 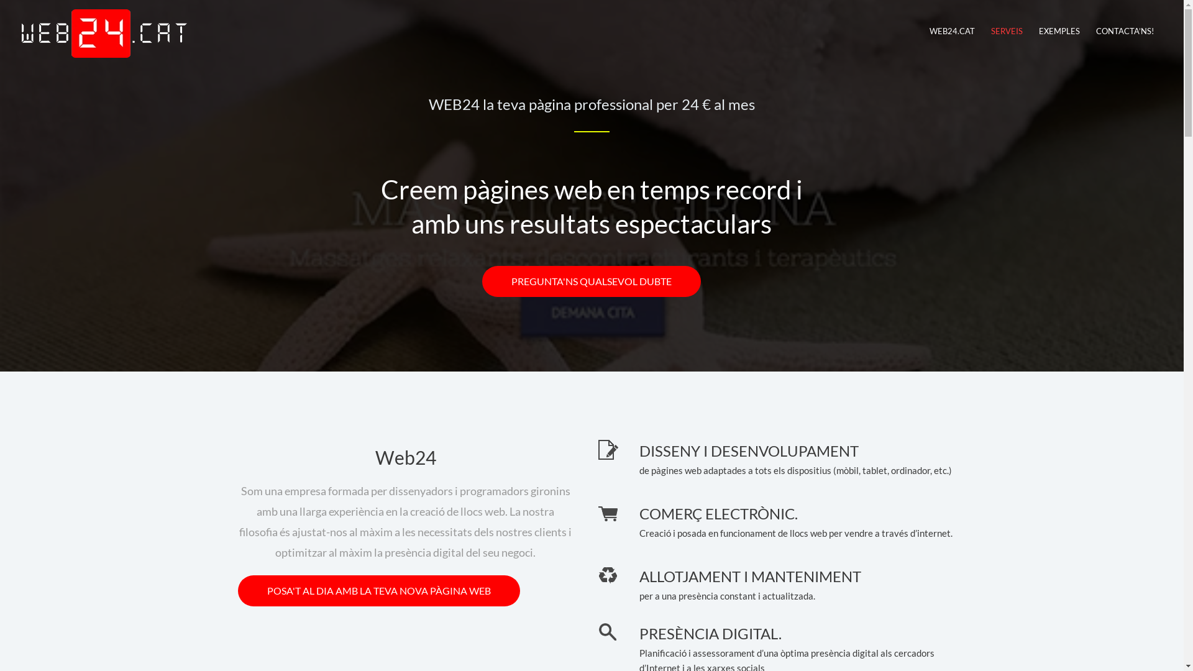 What do you see at coordinates (1031, 30) in the screenshot?
I see `'EXEMPLES'` at bounding box center [1031, 30].